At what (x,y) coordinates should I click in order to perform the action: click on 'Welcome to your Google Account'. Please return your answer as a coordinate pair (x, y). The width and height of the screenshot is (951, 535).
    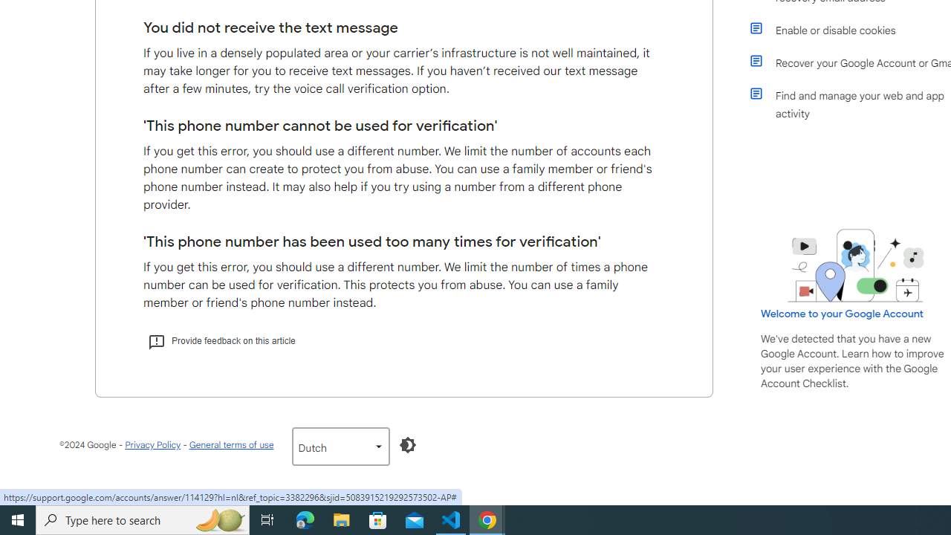
    Looking at the image, I should click on (843, 313).